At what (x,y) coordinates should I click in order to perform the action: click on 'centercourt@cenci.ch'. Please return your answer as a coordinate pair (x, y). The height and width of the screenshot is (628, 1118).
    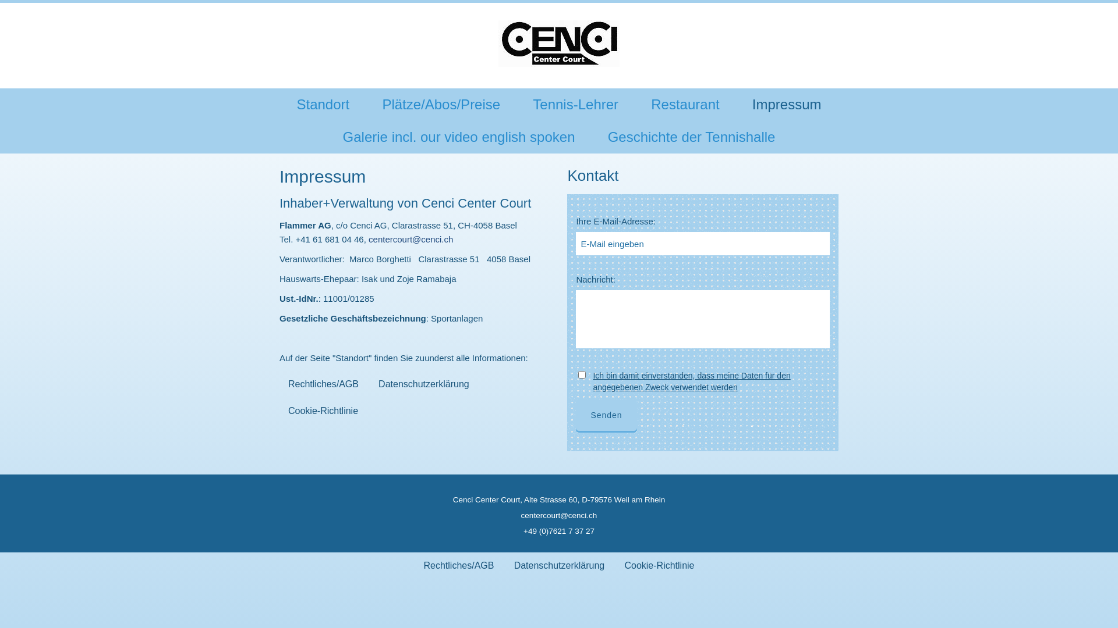
    Looking at the image, I should click on (559, 515).